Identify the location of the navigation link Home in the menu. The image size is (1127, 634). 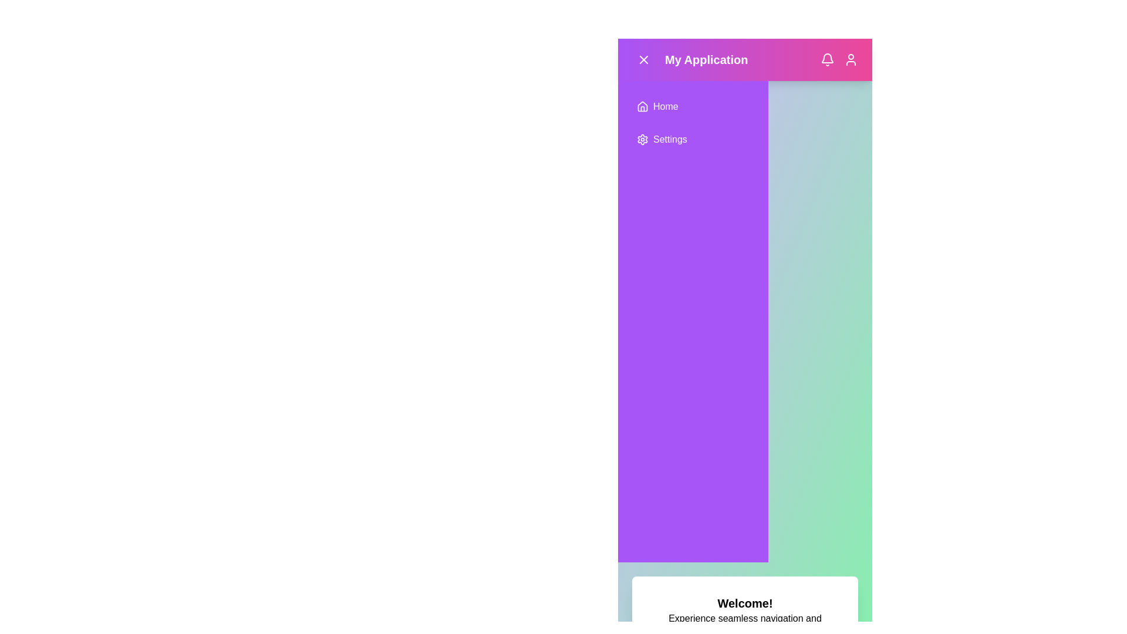
(693, 106).